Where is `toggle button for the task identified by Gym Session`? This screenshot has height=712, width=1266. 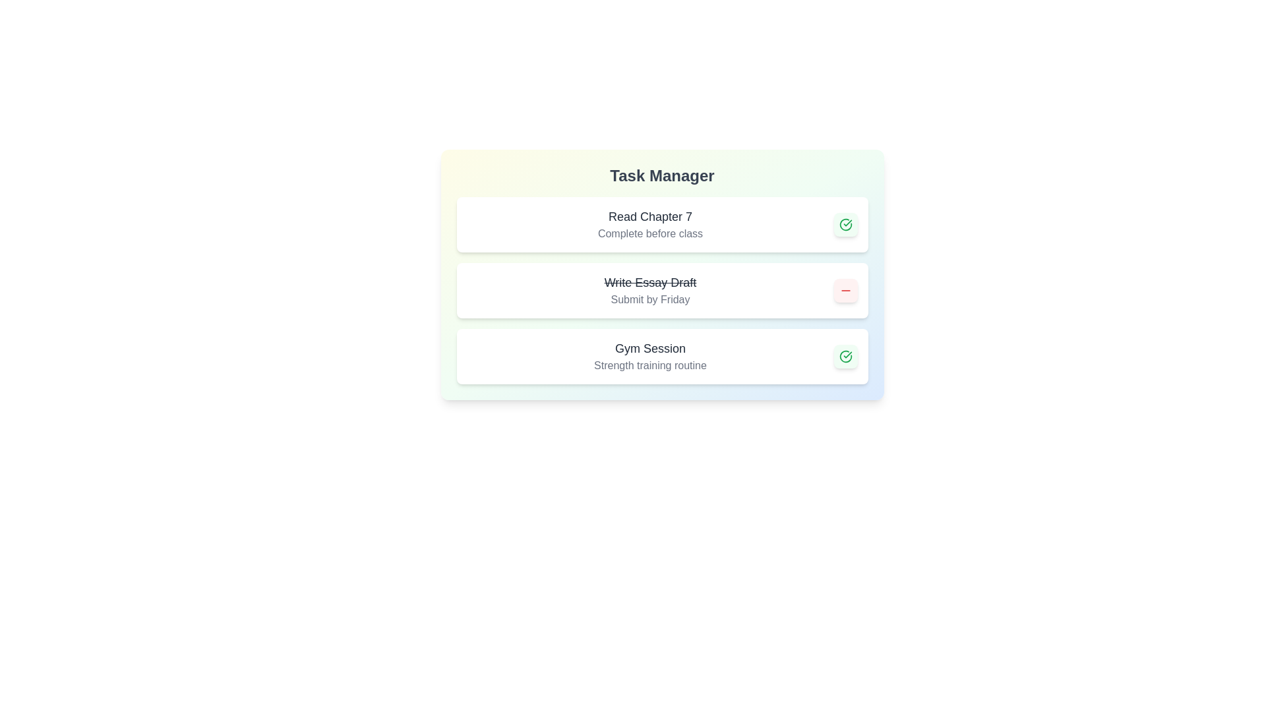
toggle button for the task identified by Gym Session is located at coordinates (845, 356).